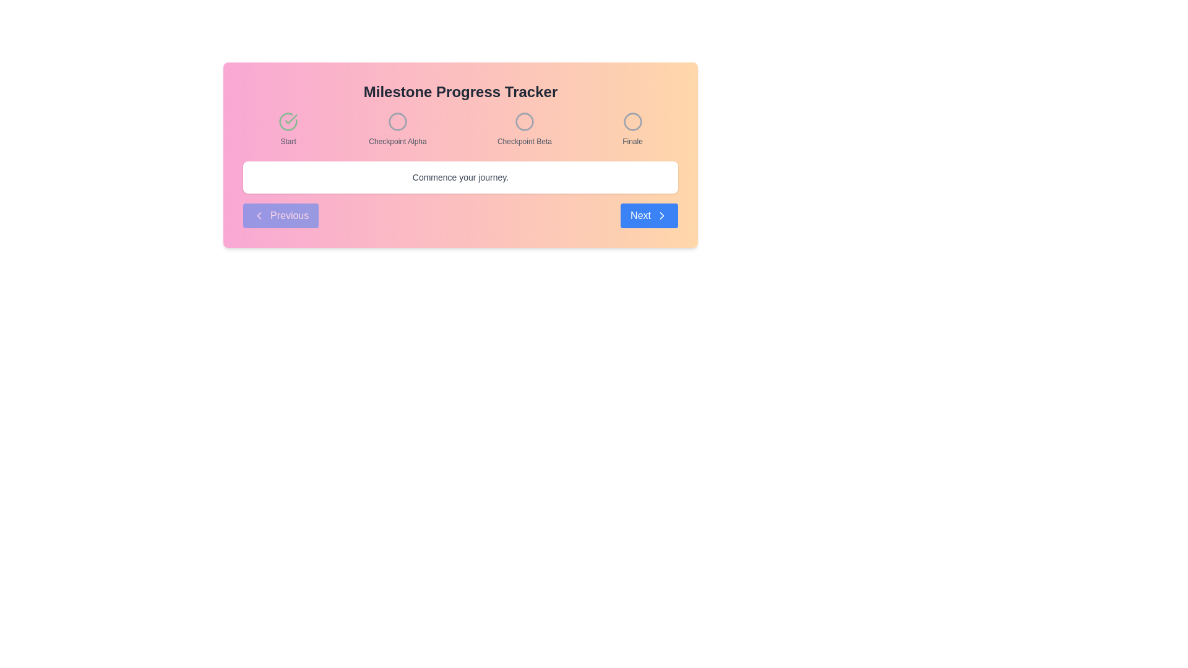 This screenshot has width=1188, height=668. What do you see at coordinates (398, 121) in the screenshot?
I see `the Progress tracker milestone icon representing 'Checkpoint Alpha' in the Milestone Progress Tracker layout` at bounding box center [398, 121].